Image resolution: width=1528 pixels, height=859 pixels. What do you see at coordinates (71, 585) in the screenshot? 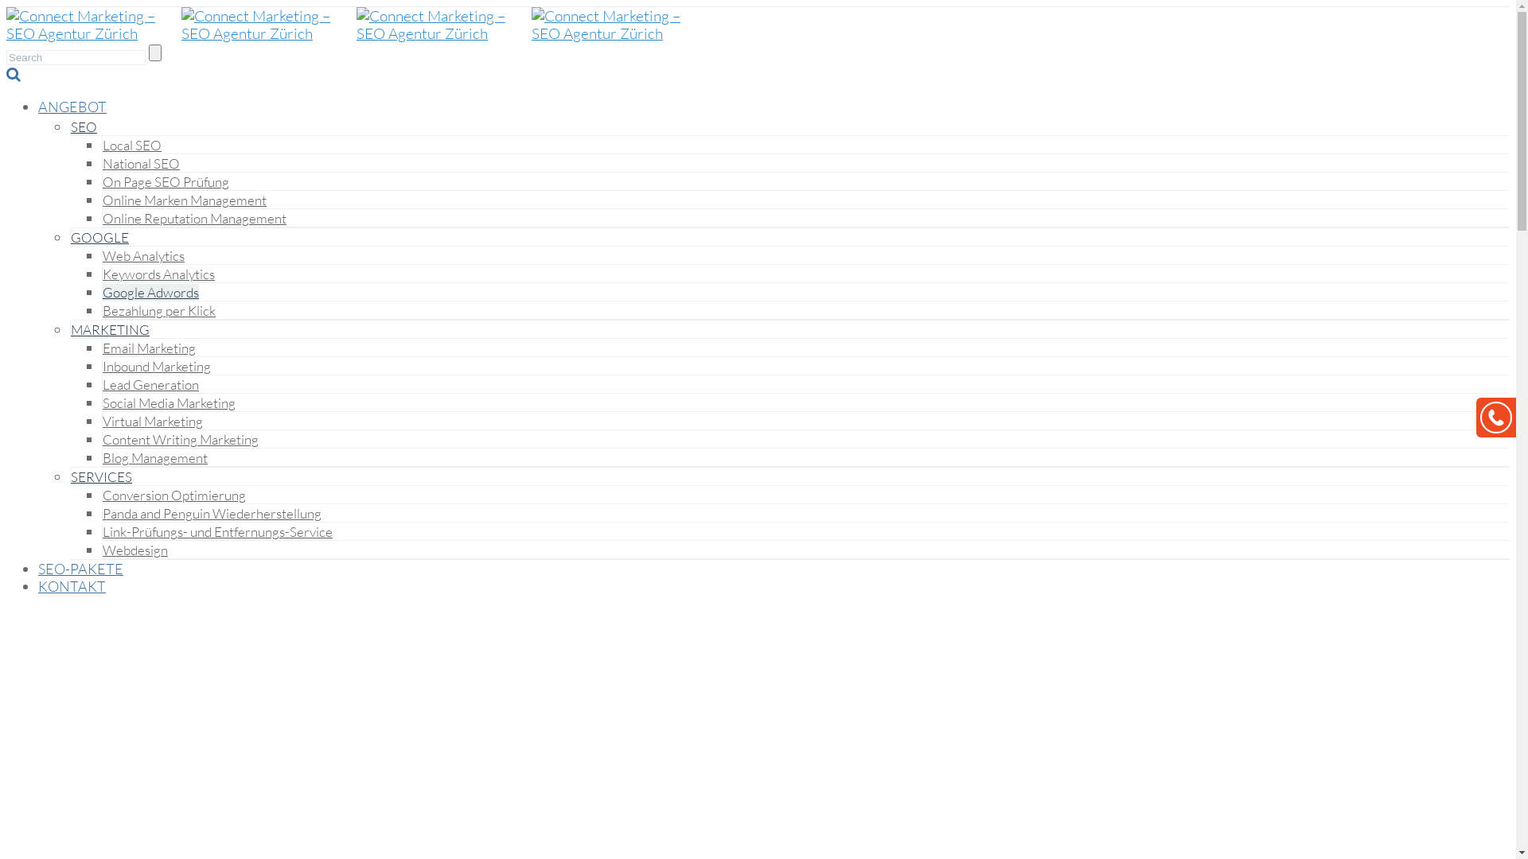
I see `'KONTAKT'` at bounding box center [71, 585].